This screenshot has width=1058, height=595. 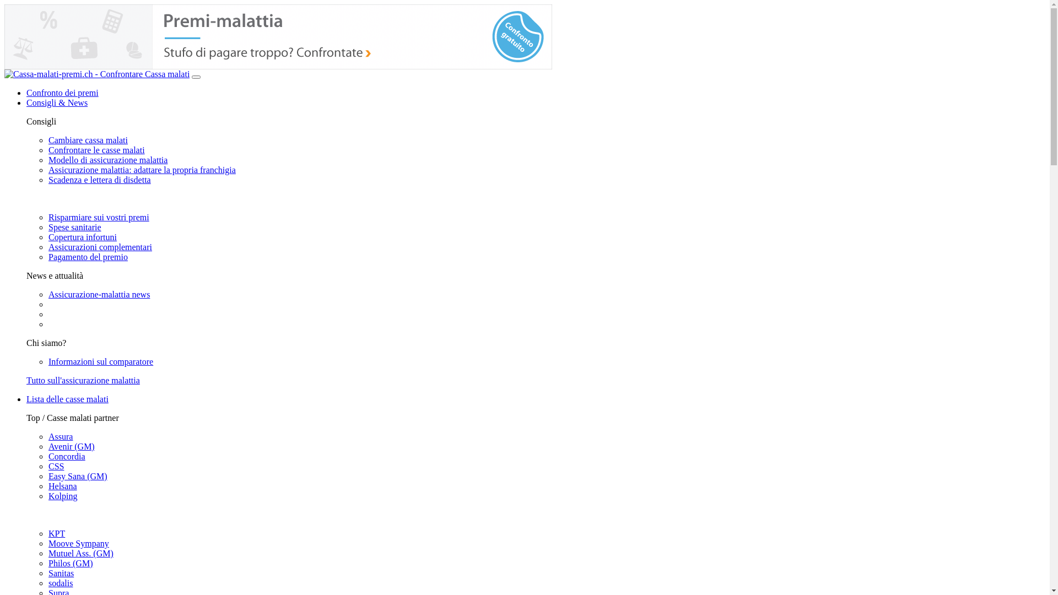 What do you see at coordinates (60, 572) in the screenshot?
I see `'Sanitas'` at bounding box center [60, 572].